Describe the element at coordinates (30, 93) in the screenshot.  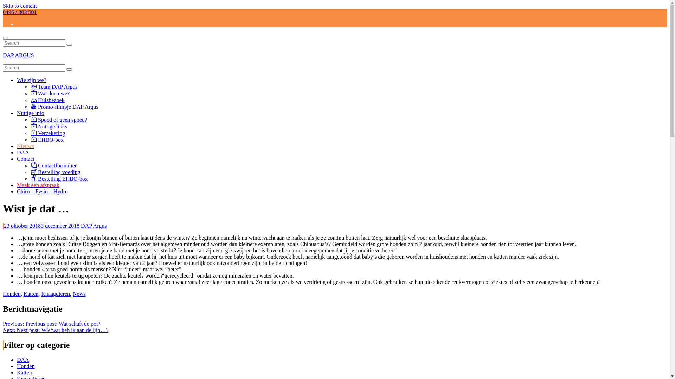
I see `'Wat doen we?'` at that location.